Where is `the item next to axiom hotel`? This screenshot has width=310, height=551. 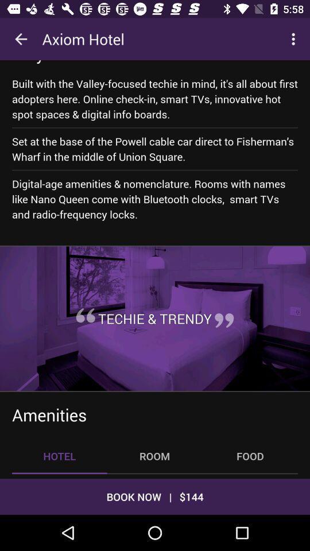
the item next to axiom hotel is located at coordinates (294, 39).